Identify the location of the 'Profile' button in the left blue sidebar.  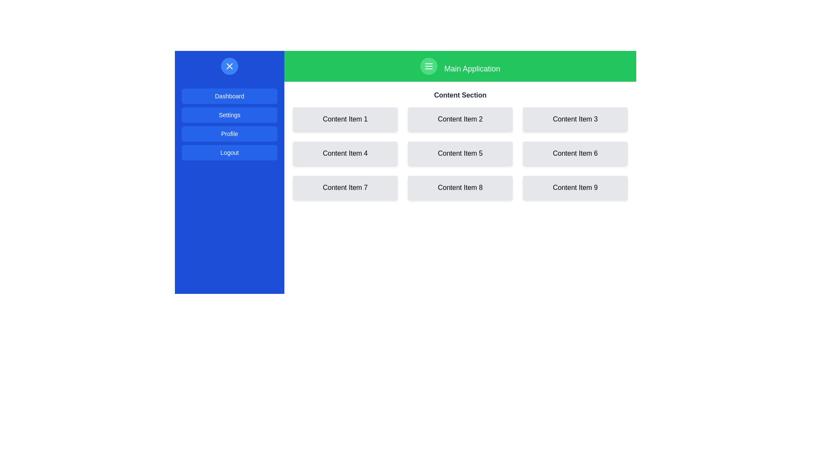
(230, 133).